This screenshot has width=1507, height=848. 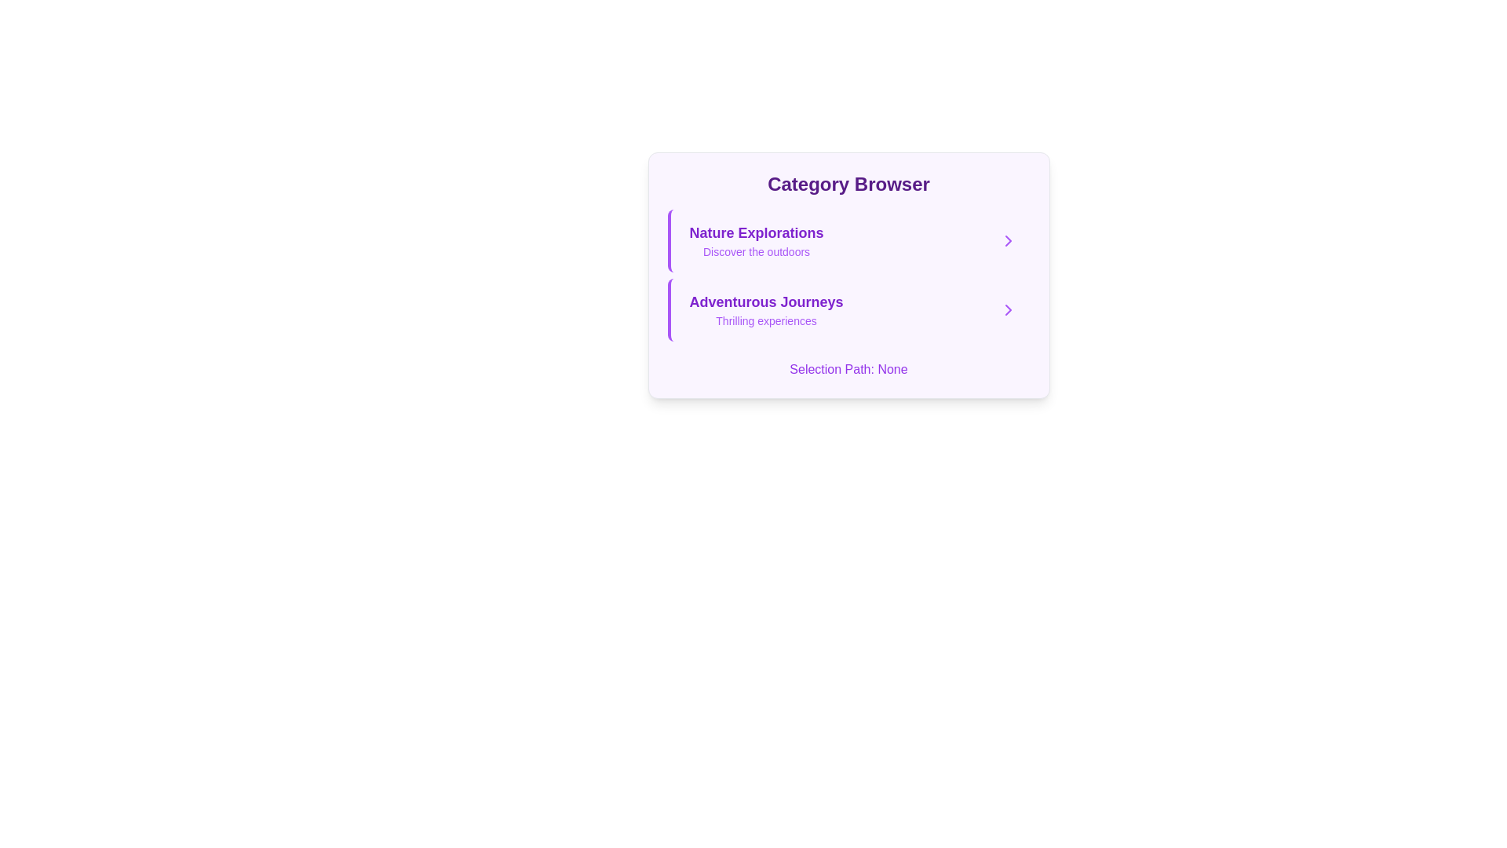 I want to click on the text label that reads 'Discover the outdoors', which is styled in purple and positioned below the 'Nature Explorations' header, so click(x=757, y=250).